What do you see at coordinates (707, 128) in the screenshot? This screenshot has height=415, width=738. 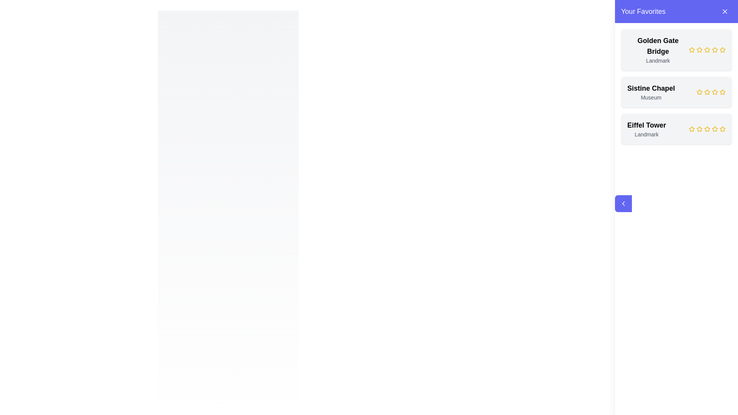 I see `the fourth star in the rating row for the 'Eiffel Tower' item to set the rating` at bounding box center [707, 128].